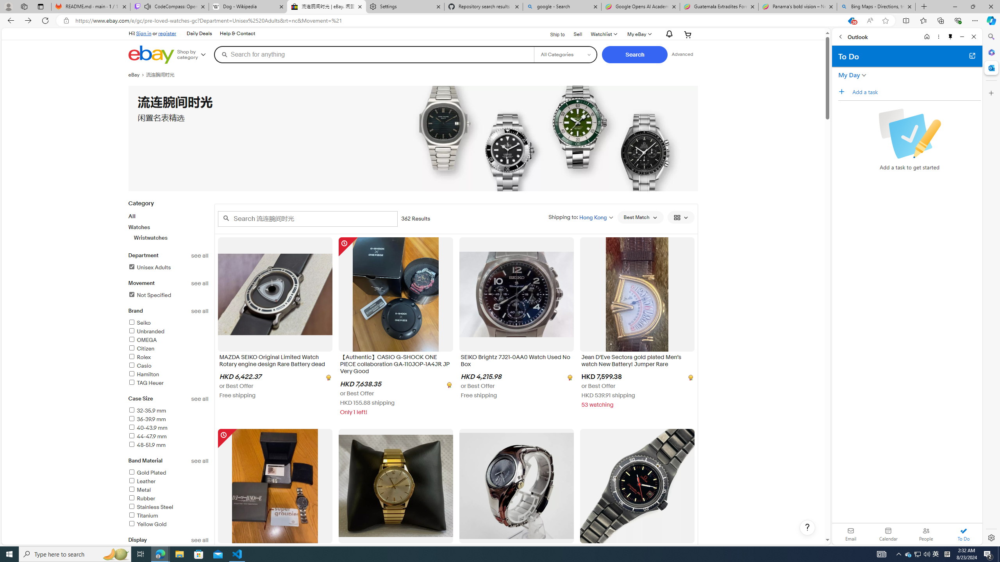 This screenshot has width=1000, height=562. What do you see at coordinates (888, 534) in the screenshot?
I see `'Calendar. Date today is 22'` at bounding box center [888, 534].